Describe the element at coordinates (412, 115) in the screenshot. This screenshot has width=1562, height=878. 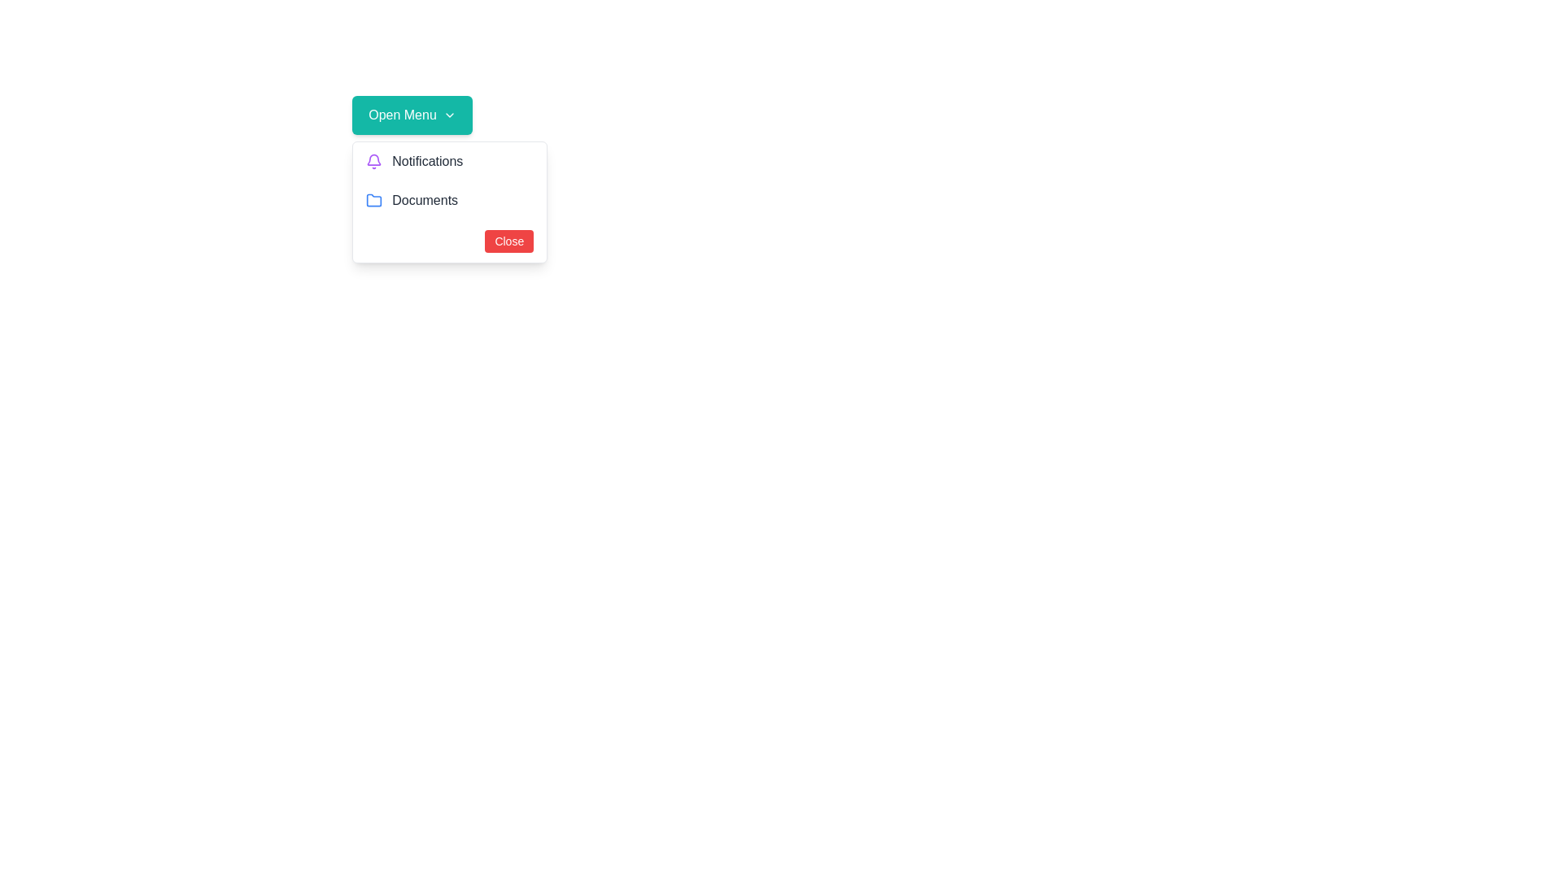
I see `the 'Open Menu' button, which is a teal rectangular button with white text and a downward arrow icon, located at the top-center of the dropdown menu structure` at that location.